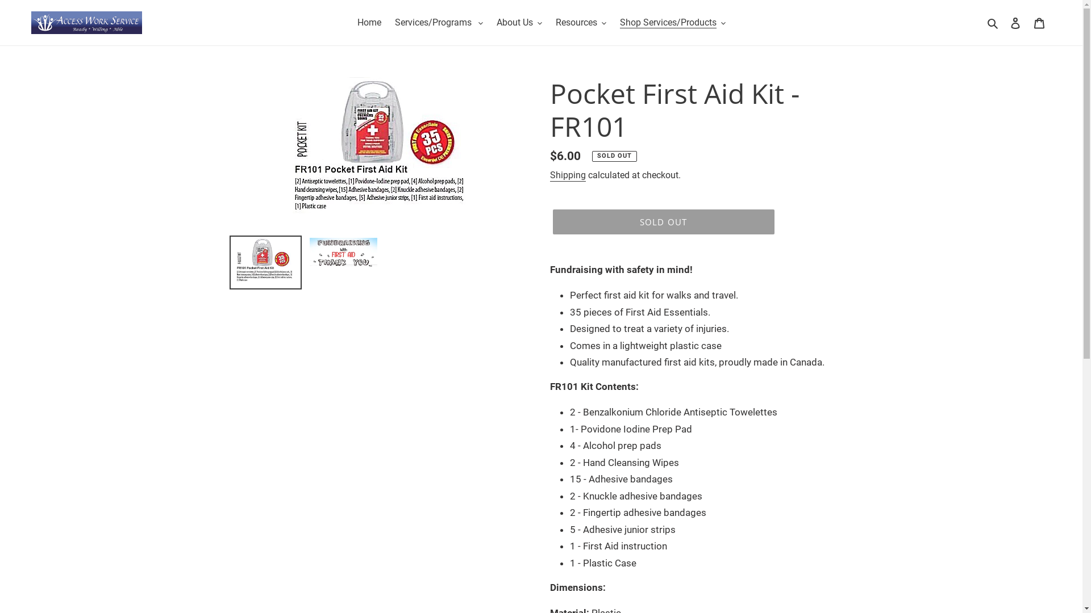  Describe the element at coordinates (613, 22) in the screenshot. I see `'Shop Services/Products'` at that location.